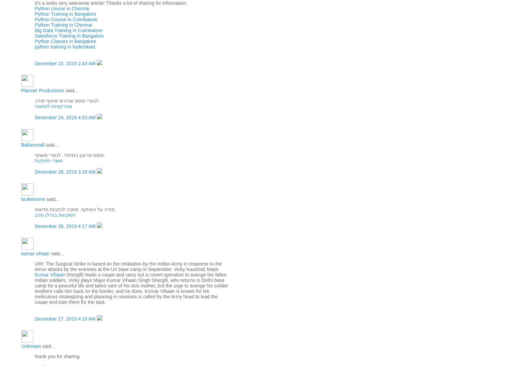  Describe the element at coordinates (32, 145) in the screenshot. I see `'Babiesmall'` at that location.